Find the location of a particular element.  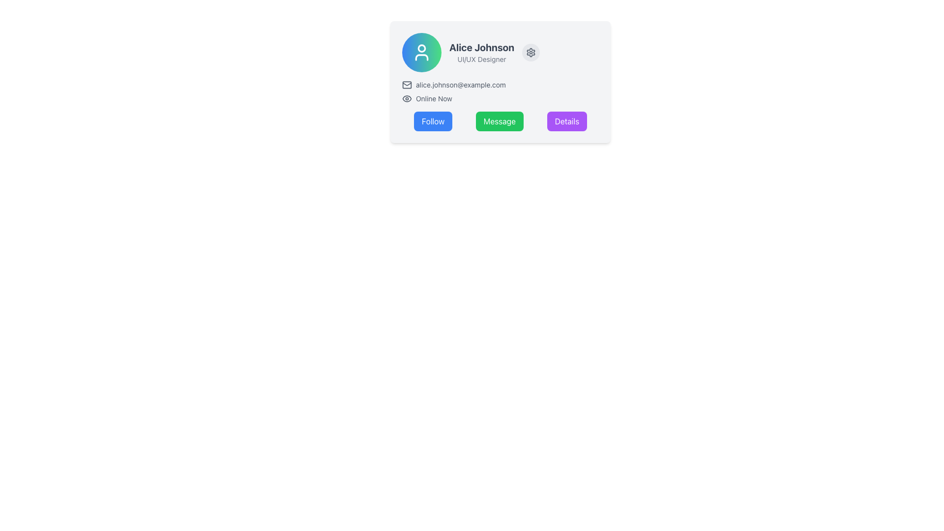

the Information display area that shows the user's contact email and online status, located centrally beneath the title and job description ('Alice Johnson', 'UI/UX Designer') is located at coordinates (500, 91).